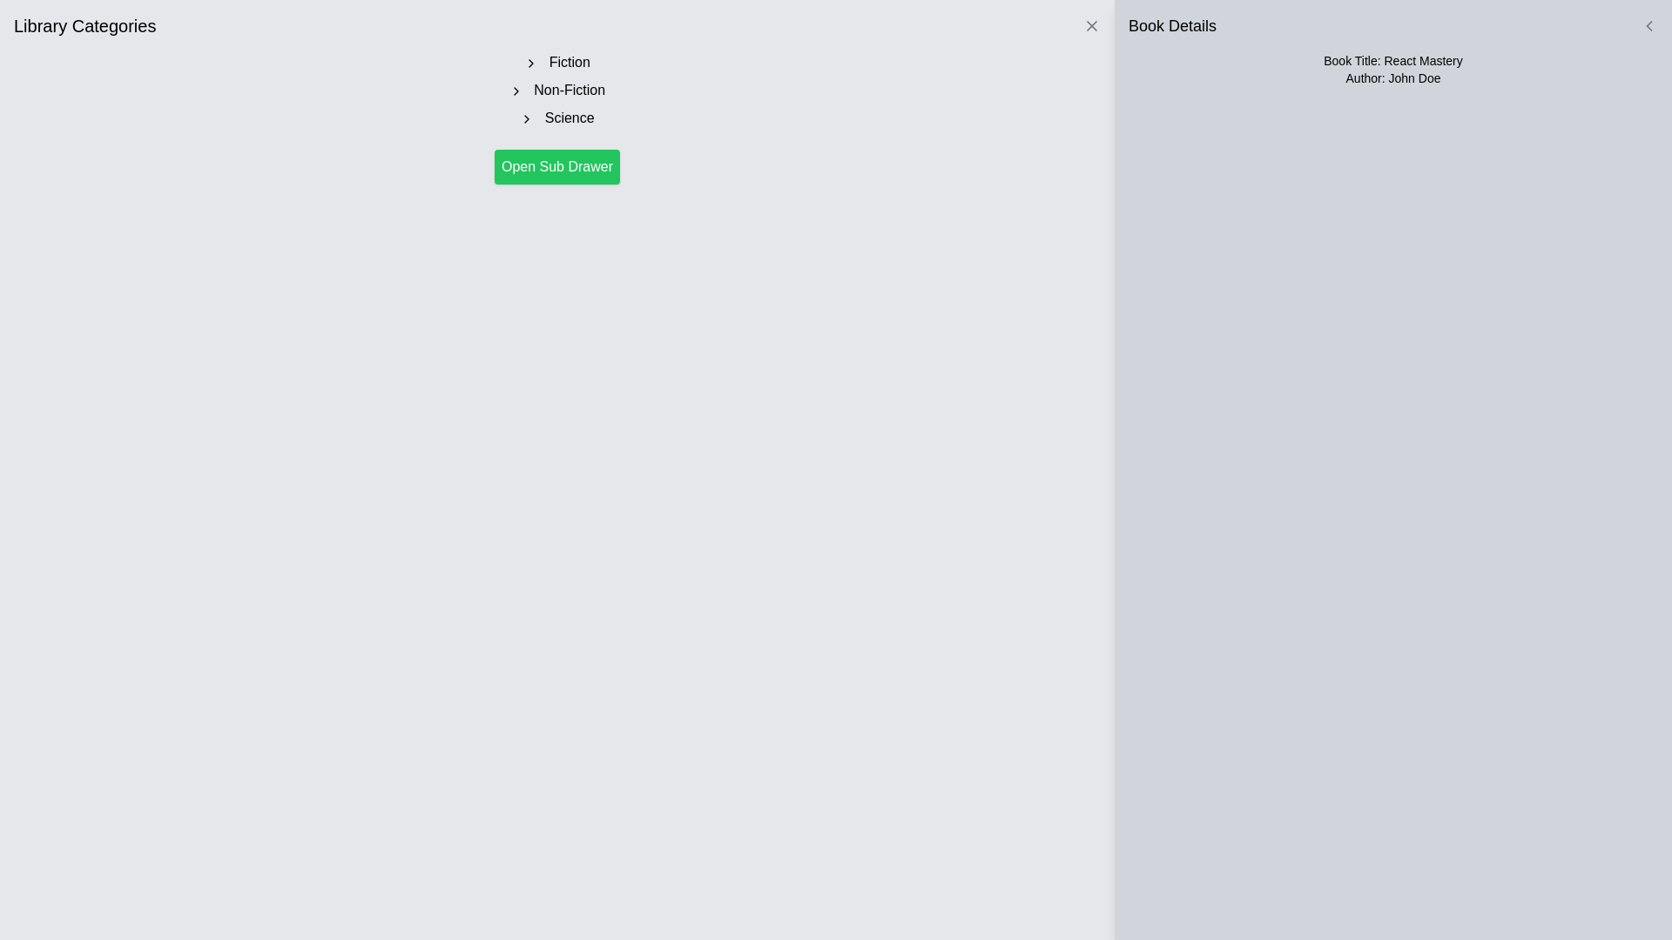 This screenshot has width=1672, height=940. What do you see at coordinates (1648, 26) in the screenshot?
I see `the left-facing chevron button styled in gray at the top-right corner of the 'Book Details' section to change its color to black` at bounding box center [1648, 26].